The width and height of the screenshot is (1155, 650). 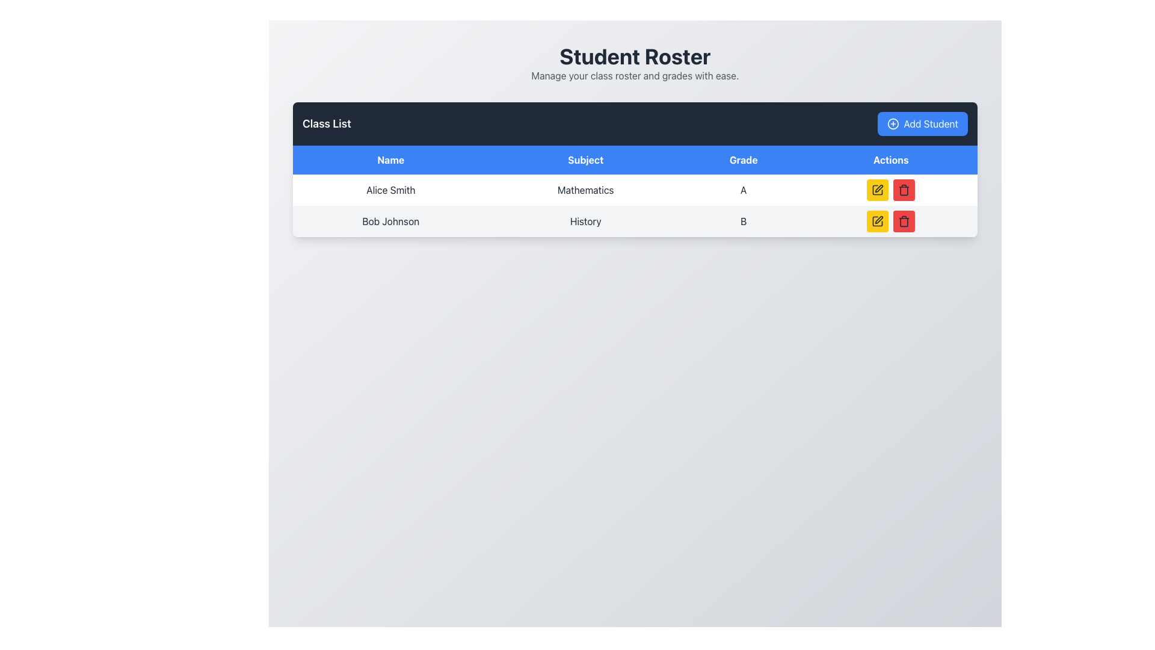 I want to click on text label displaying 'Mathematics' located in the 'Subject' column of the student roster table for 'Alice Smith', so click(x=585, y=190).